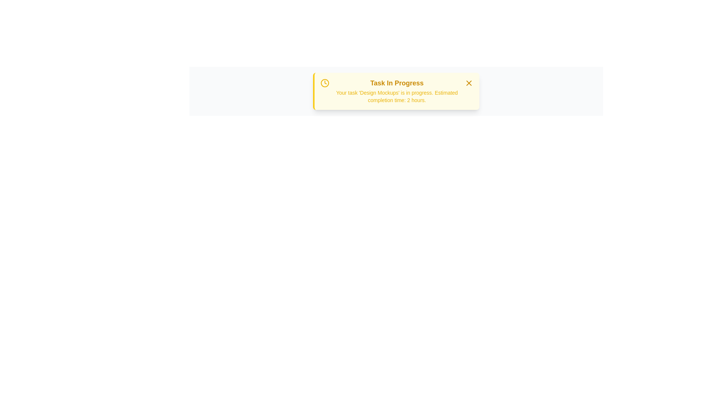 This screenshot has height=401, width=713. I want to click on the 'X' button to close the alert, so click(468, 83).